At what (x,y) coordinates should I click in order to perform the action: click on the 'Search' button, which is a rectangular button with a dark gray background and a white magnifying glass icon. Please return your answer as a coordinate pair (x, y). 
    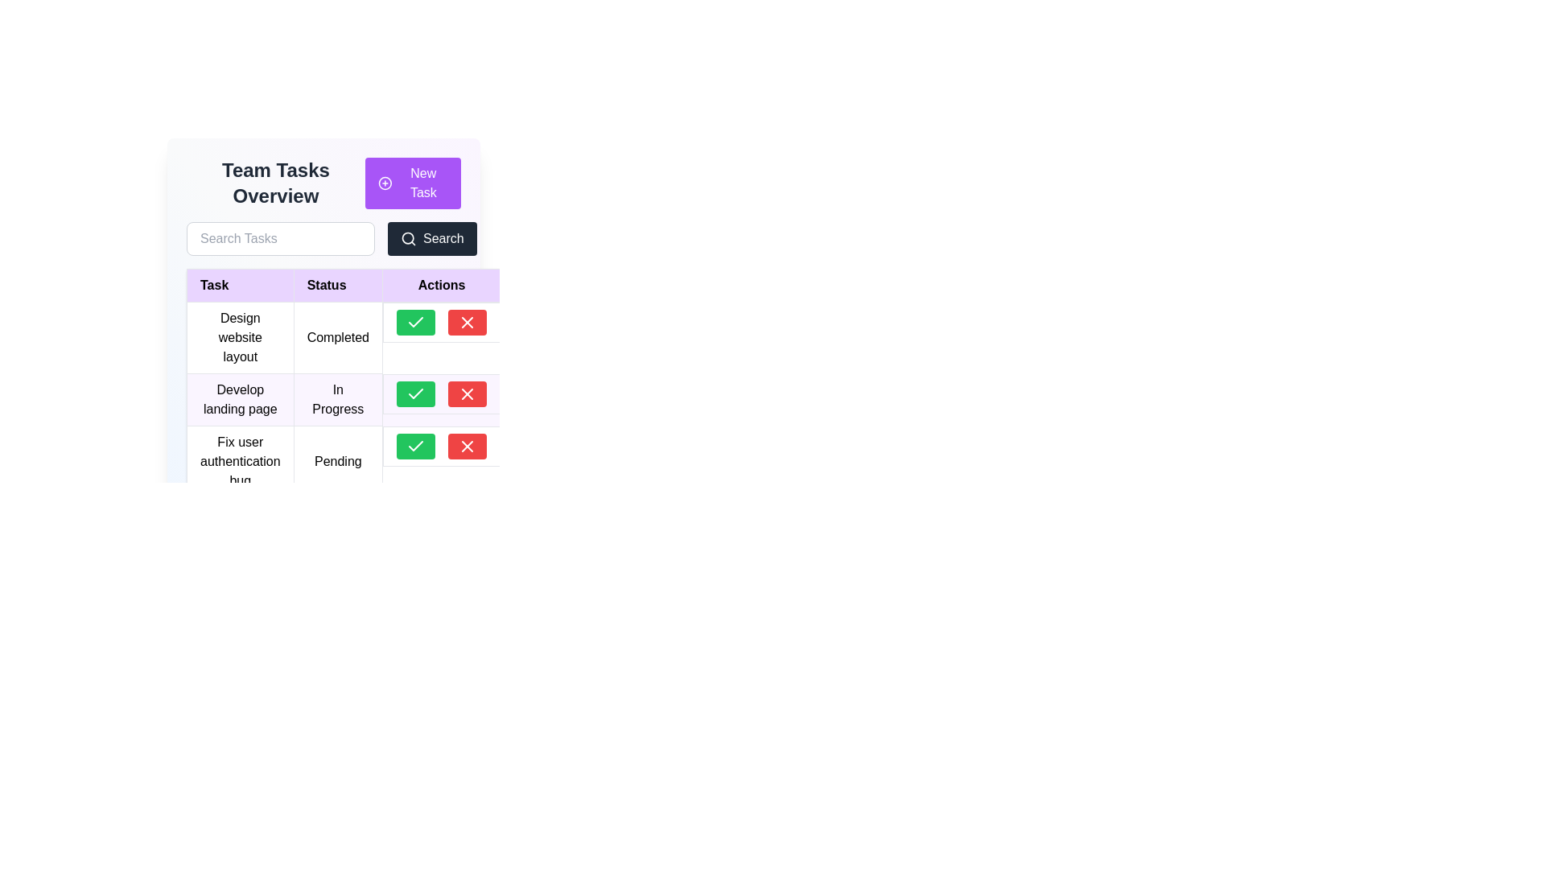
    Looking at the image, I should click on (432, 239).